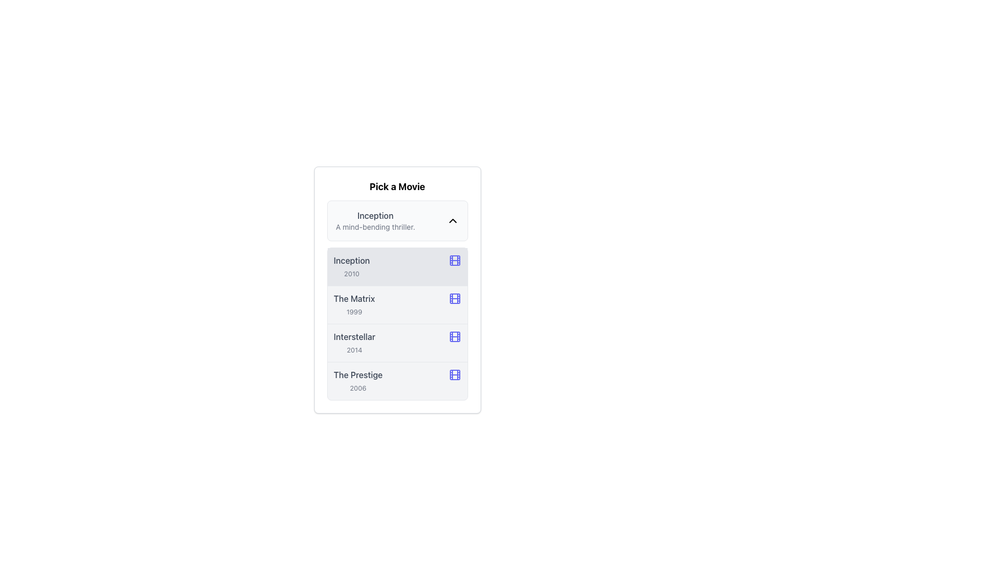 Image resolution: width=1002 pixels, height=564 pixels. I want to click on the label representing the movie 'Inception' (2010), so click(352, 266).